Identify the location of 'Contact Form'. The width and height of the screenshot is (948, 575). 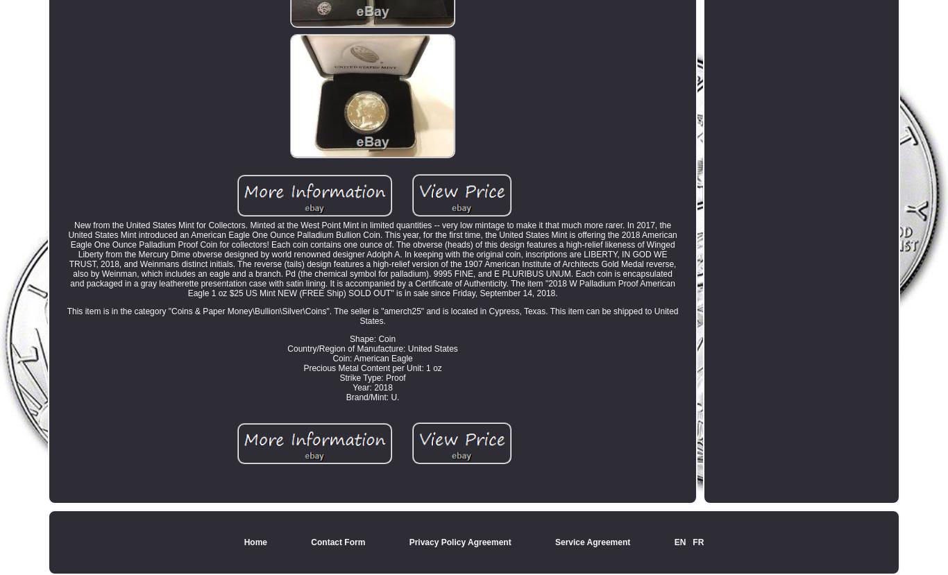
(310, 542).